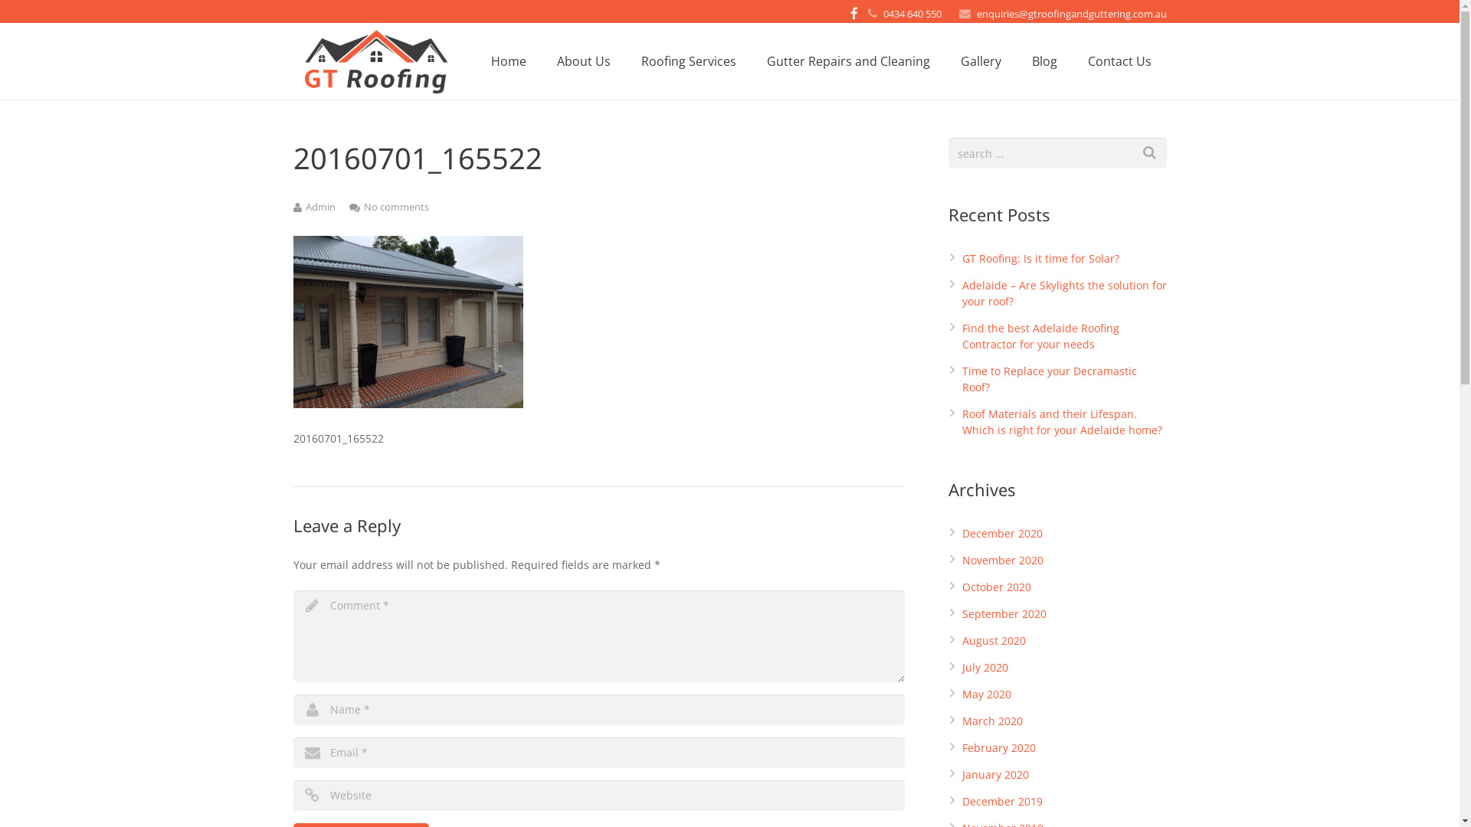 This screenshot has height=827, width=1471. What do you see at coordinates (996, 586) in the screenshot?
I see `'October 2020'` at bounding box center [996, 586].